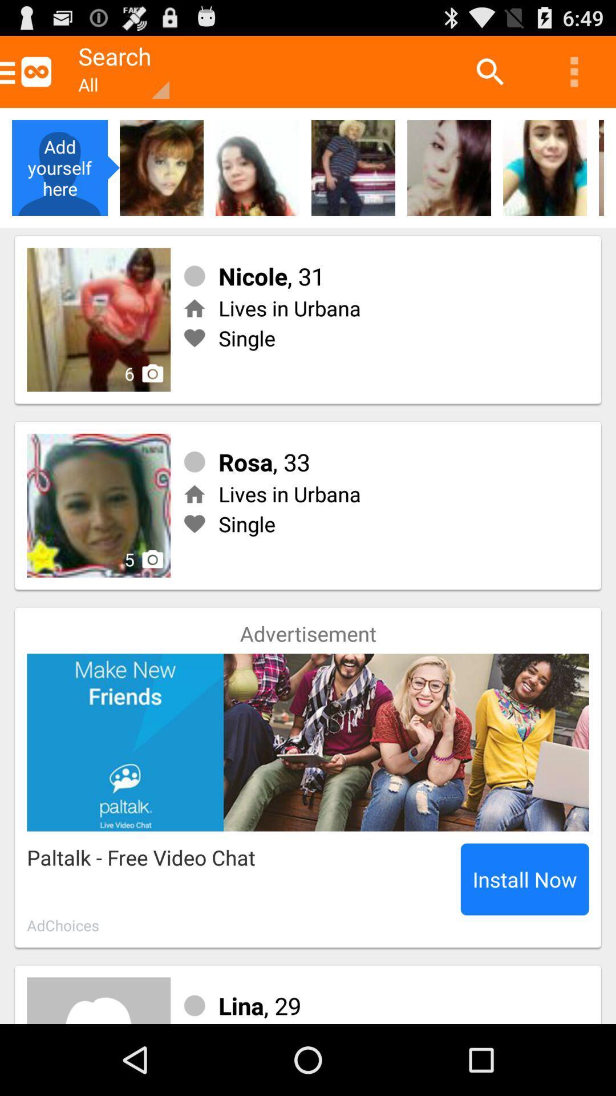 The height and width of the screenshot is (1096, 616). Describe the element at coordinates (118, 71) in the screenshot. I see `the text in the orange color box` at that location.